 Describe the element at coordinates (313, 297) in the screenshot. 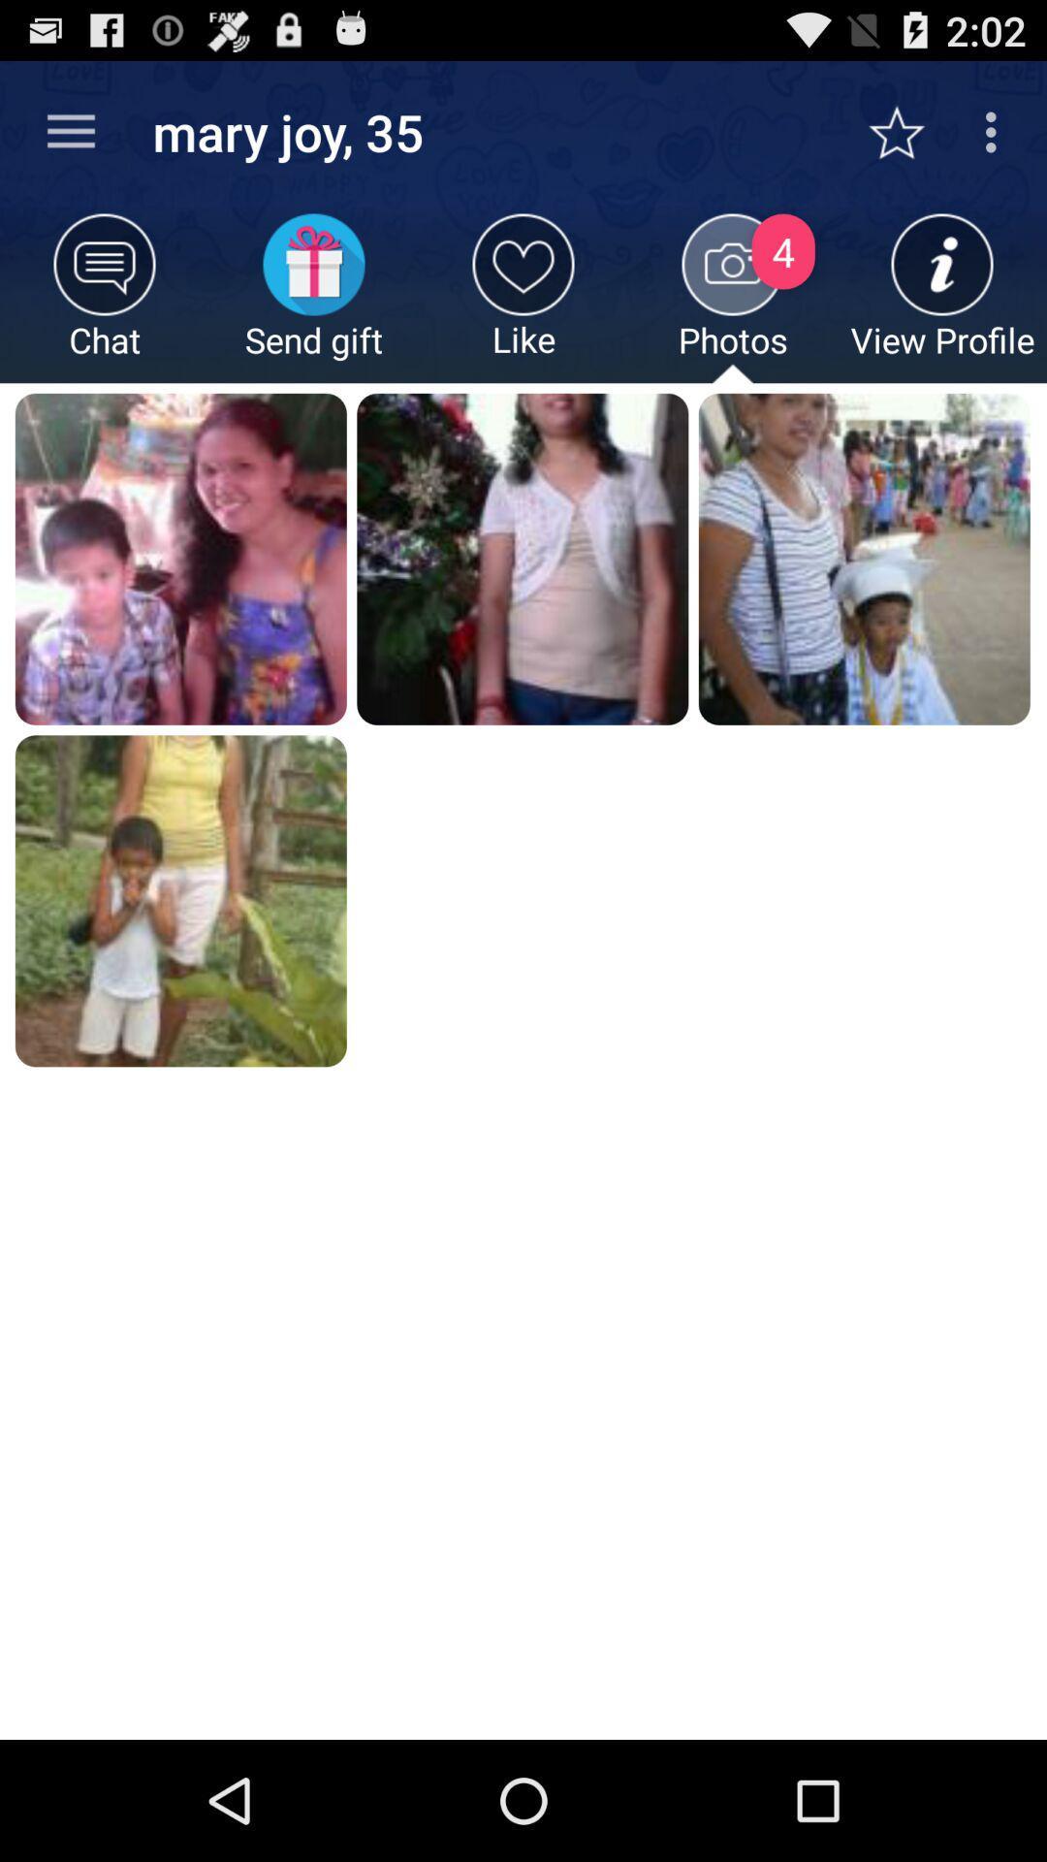

I see `app below mary joy, 35` at that location.